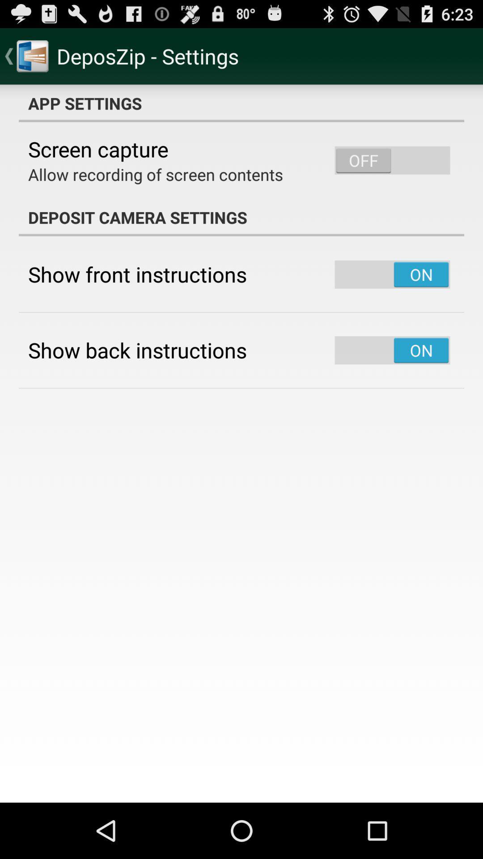 This screenshot has width=483, height=859. What do you see at coordinates (98, 149) in the screenshot?
I see `the app above the allow recording of` at bounding box center [98, 149].